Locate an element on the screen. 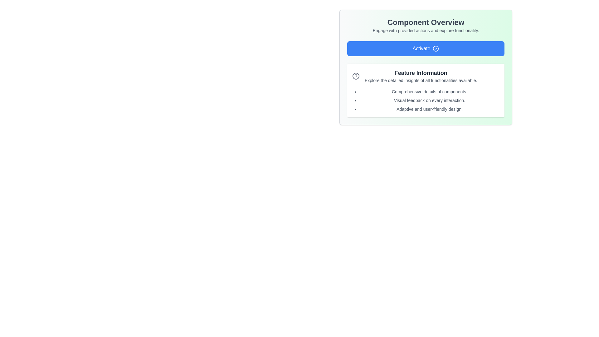 This screenshot has width=599, height=337. the help icon located at the far left of the 'Feature Information' box, adjacent to the text 'Explore the detailed insights of all functionalities available.' is located at coordinates (356, 76).